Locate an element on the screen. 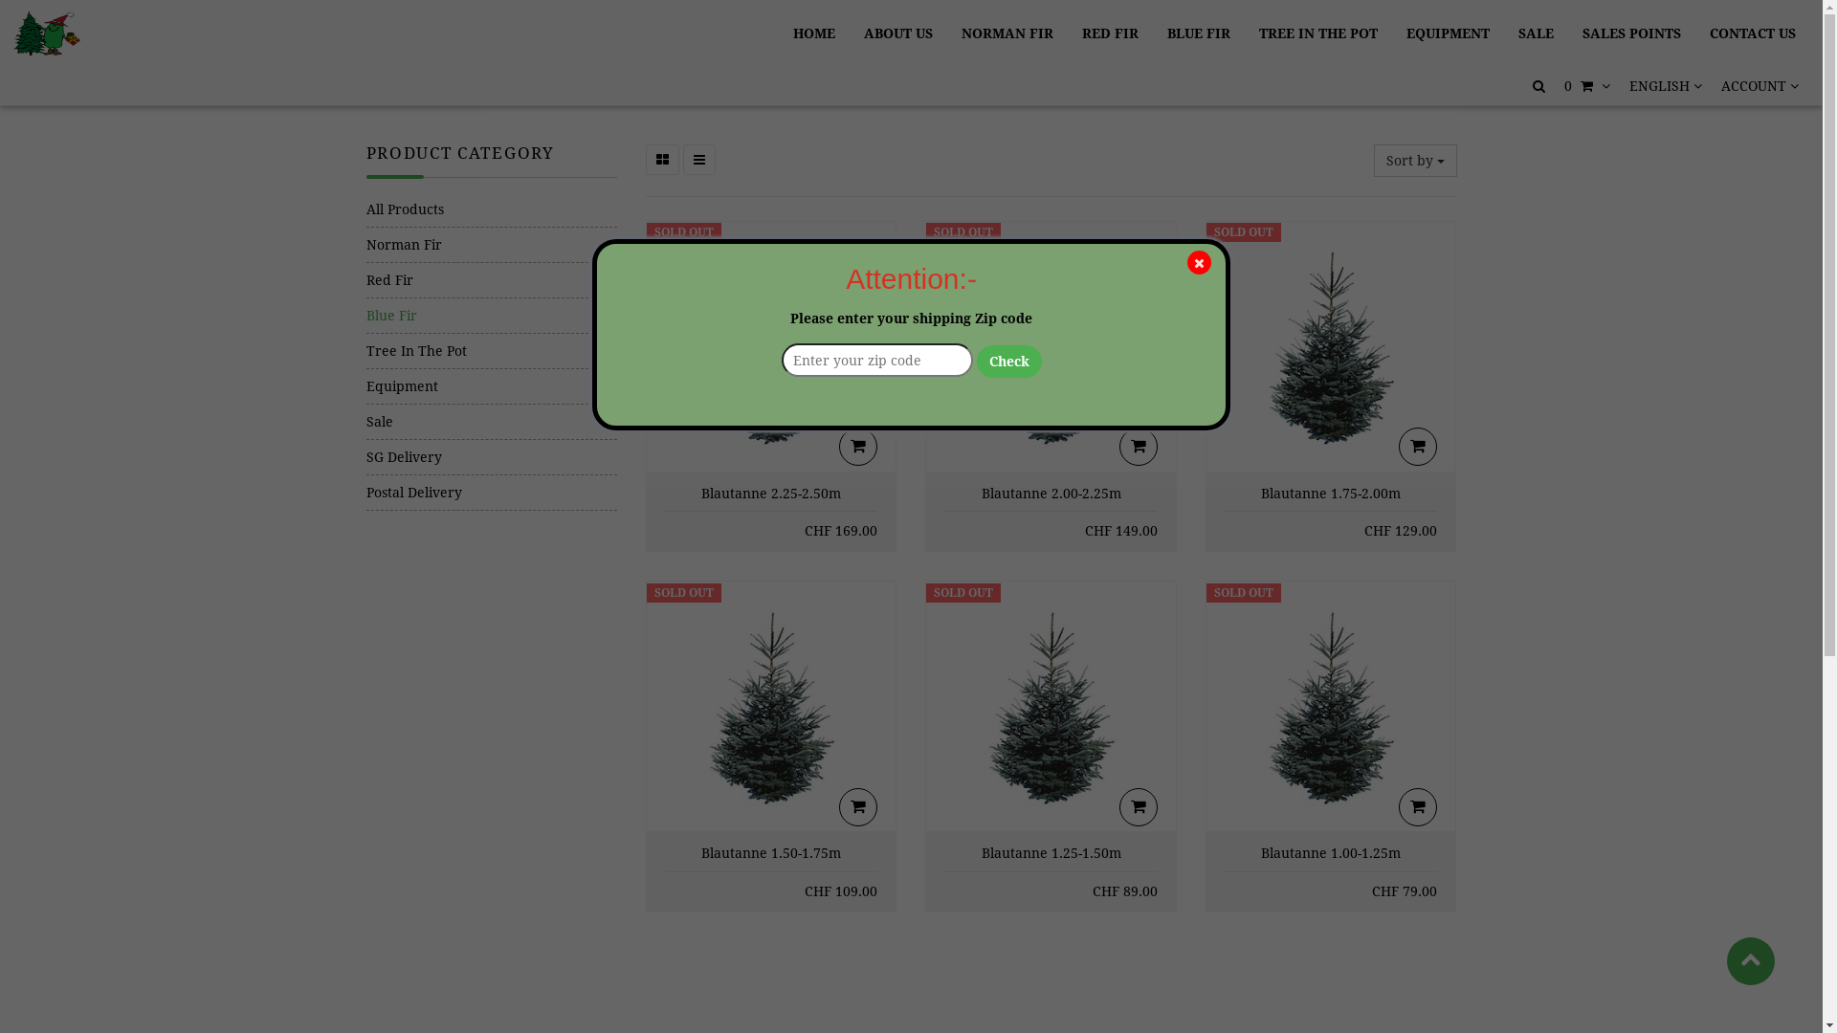 Image resolution: width=1837 pixels, height=1033 pixels. 'List View' is located at coordinates (683, 158).